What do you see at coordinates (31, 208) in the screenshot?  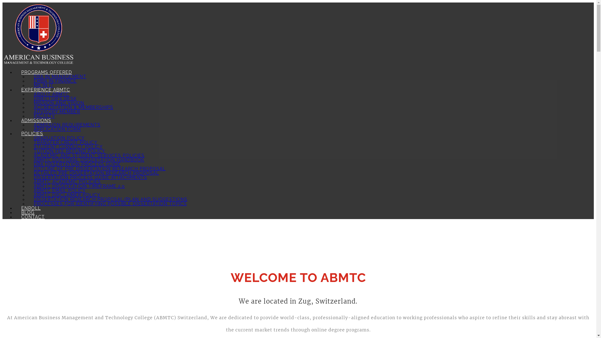 I see `'ENROLL'` at bounding box center [31, 208].